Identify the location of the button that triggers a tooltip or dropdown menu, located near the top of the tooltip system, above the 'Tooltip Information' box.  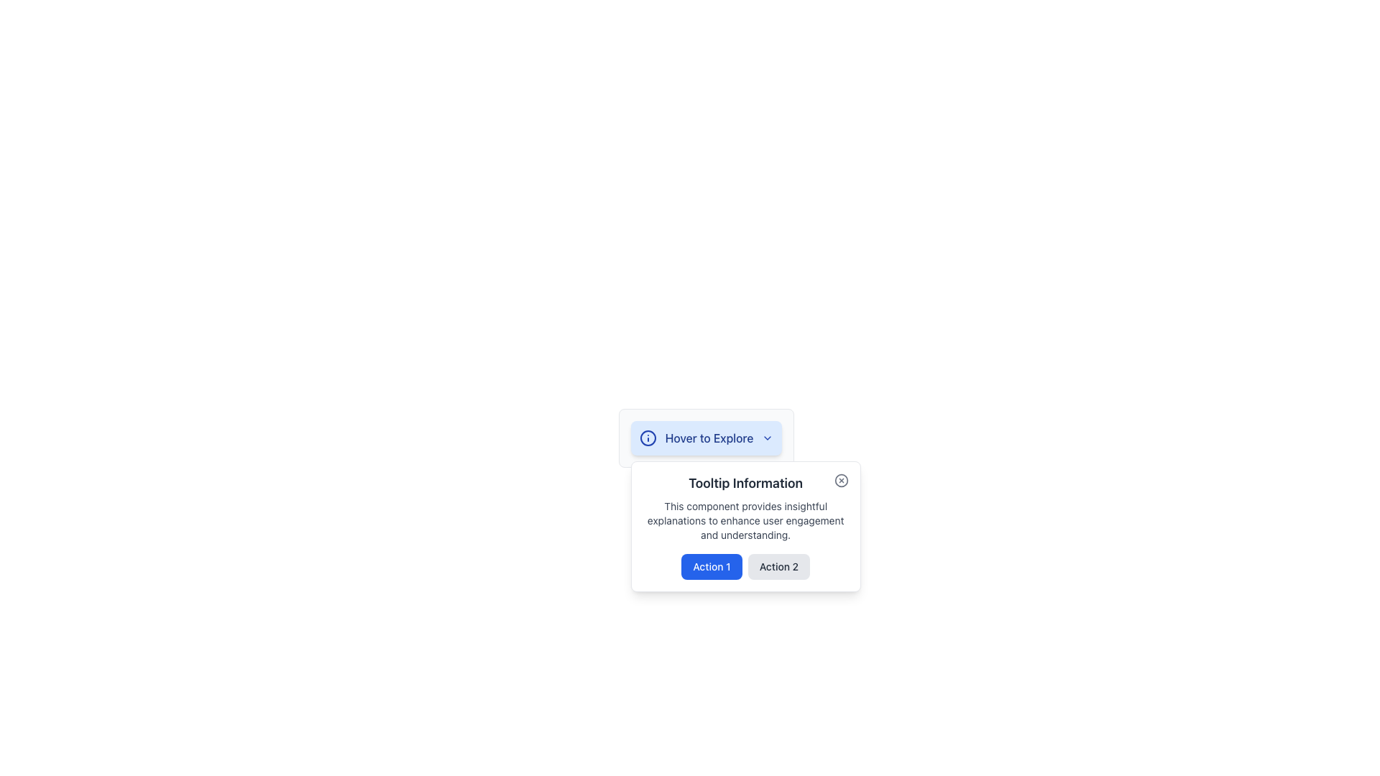
(707, 437).